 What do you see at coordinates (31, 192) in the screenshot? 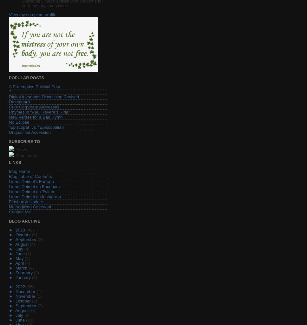
I see `'Lionel Deimel on Twitter'` at bounding box center [31, 192].